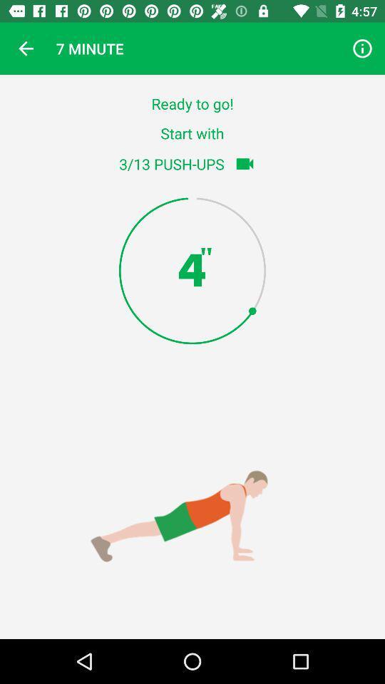 The height and width of the screenshot is (684, 385). What do you see at coordinates (362, 48) in the screenshot?
I see `the icon to the right of the 7 minute item` at bounding box center [362, 48].